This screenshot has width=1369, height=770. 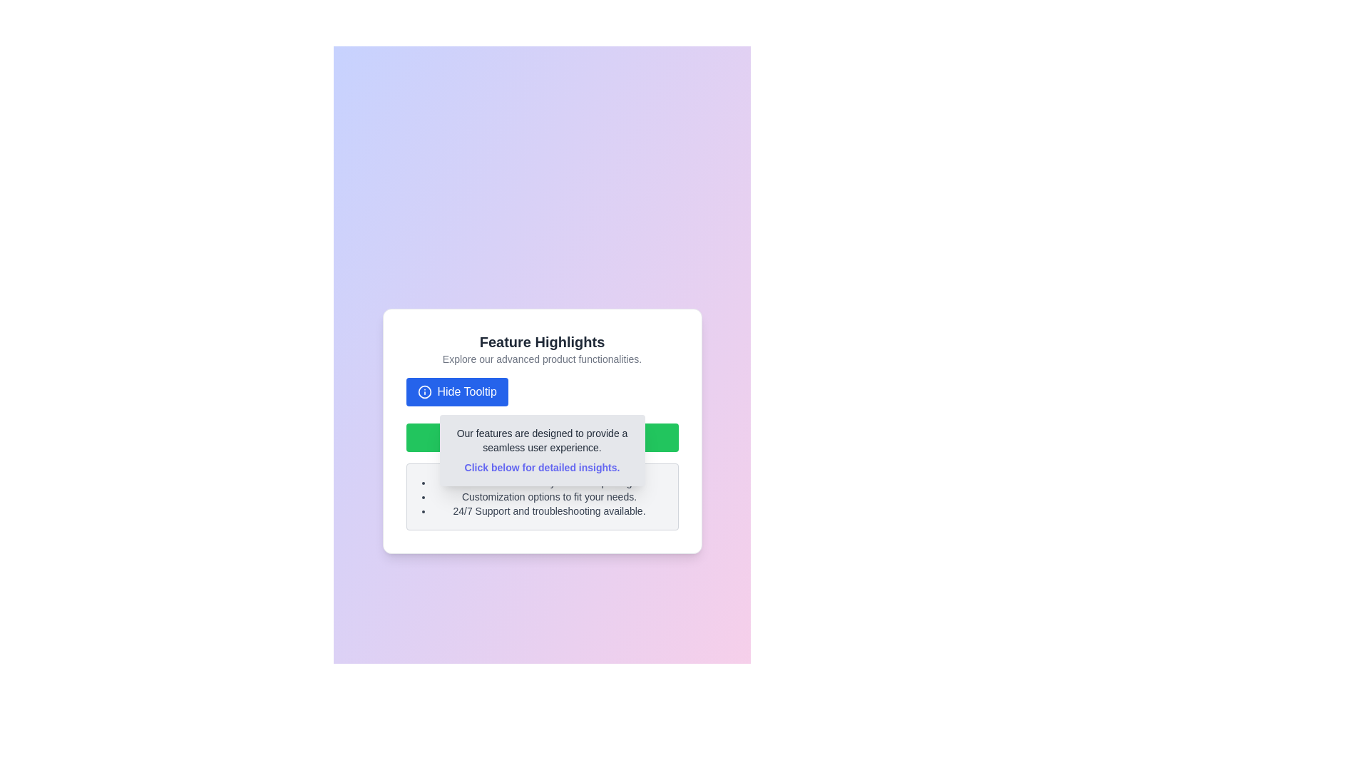 What do you see at coordinates (541, 496) in the screenshot?
I see `the informational list that provides details about features or services offered, located below the 'Hide Details' green button in the modal card` at bounding box center [541, 496].